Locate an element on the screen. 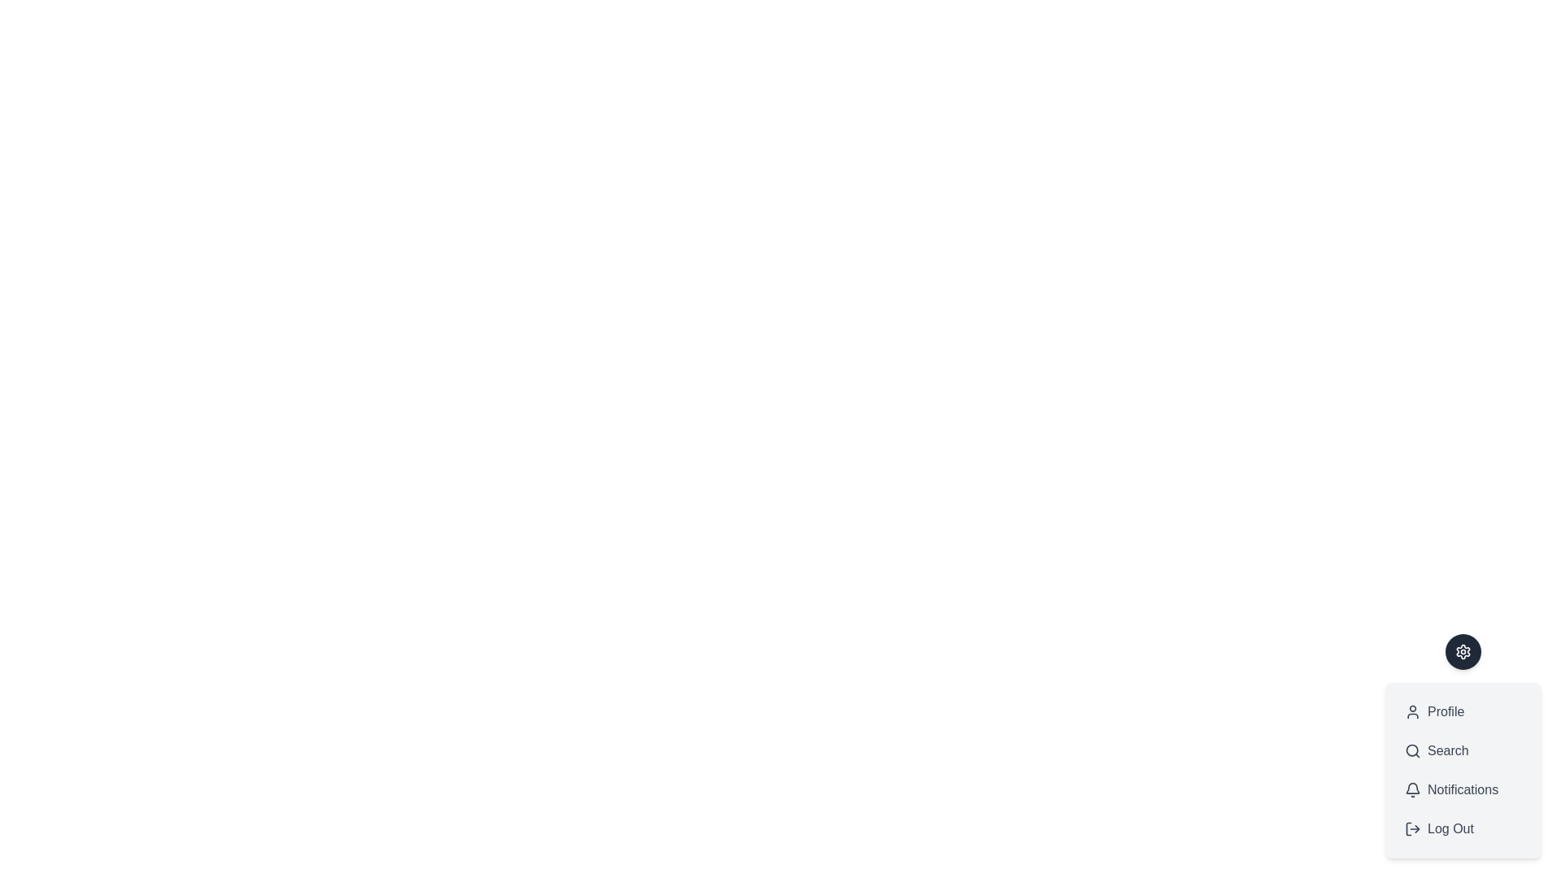 The width and height of the screenshot is (1561, 878). the bell icon that represents the 'Notifications' menu item, located to the left of the 'Notifications' text label in the dropdown menu under the settings gear icon is located at coordinates (1411, 789).